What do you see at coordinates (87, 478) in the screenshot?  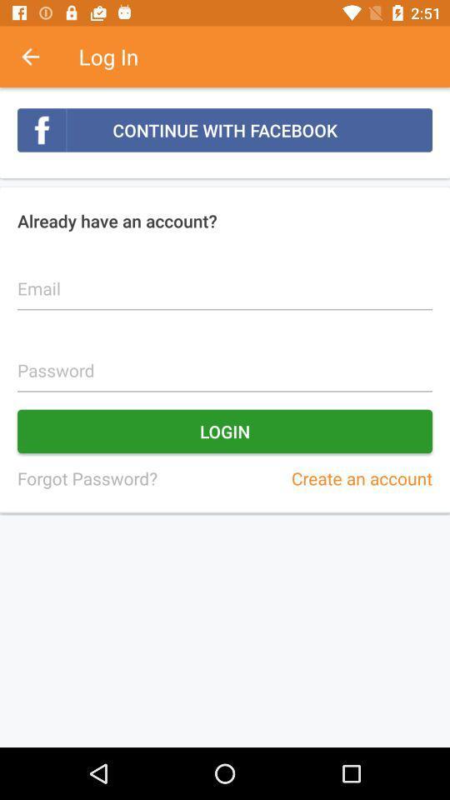 I see `the forgot password? icon` at bounding box center [87, 478].